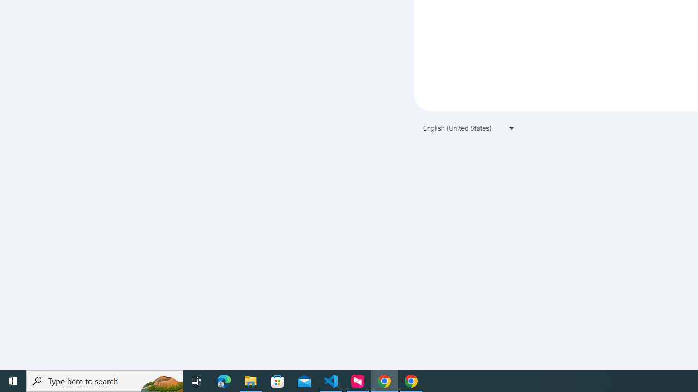 The width and height of the screenshot is (698, 392). Describe the element at coordinates (469, 127) in the screenshot. I see `'English (United States)'` at that location.